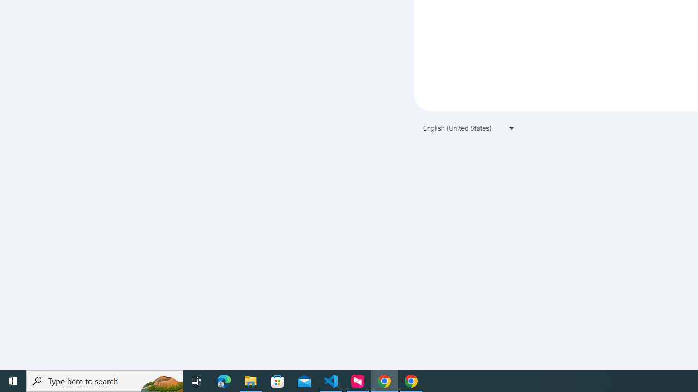 The width and height of the screenshot is (698, 392). Describe the element at coordinates (469, 127) in the screenshot. I see `'English (United States)'` at that location.